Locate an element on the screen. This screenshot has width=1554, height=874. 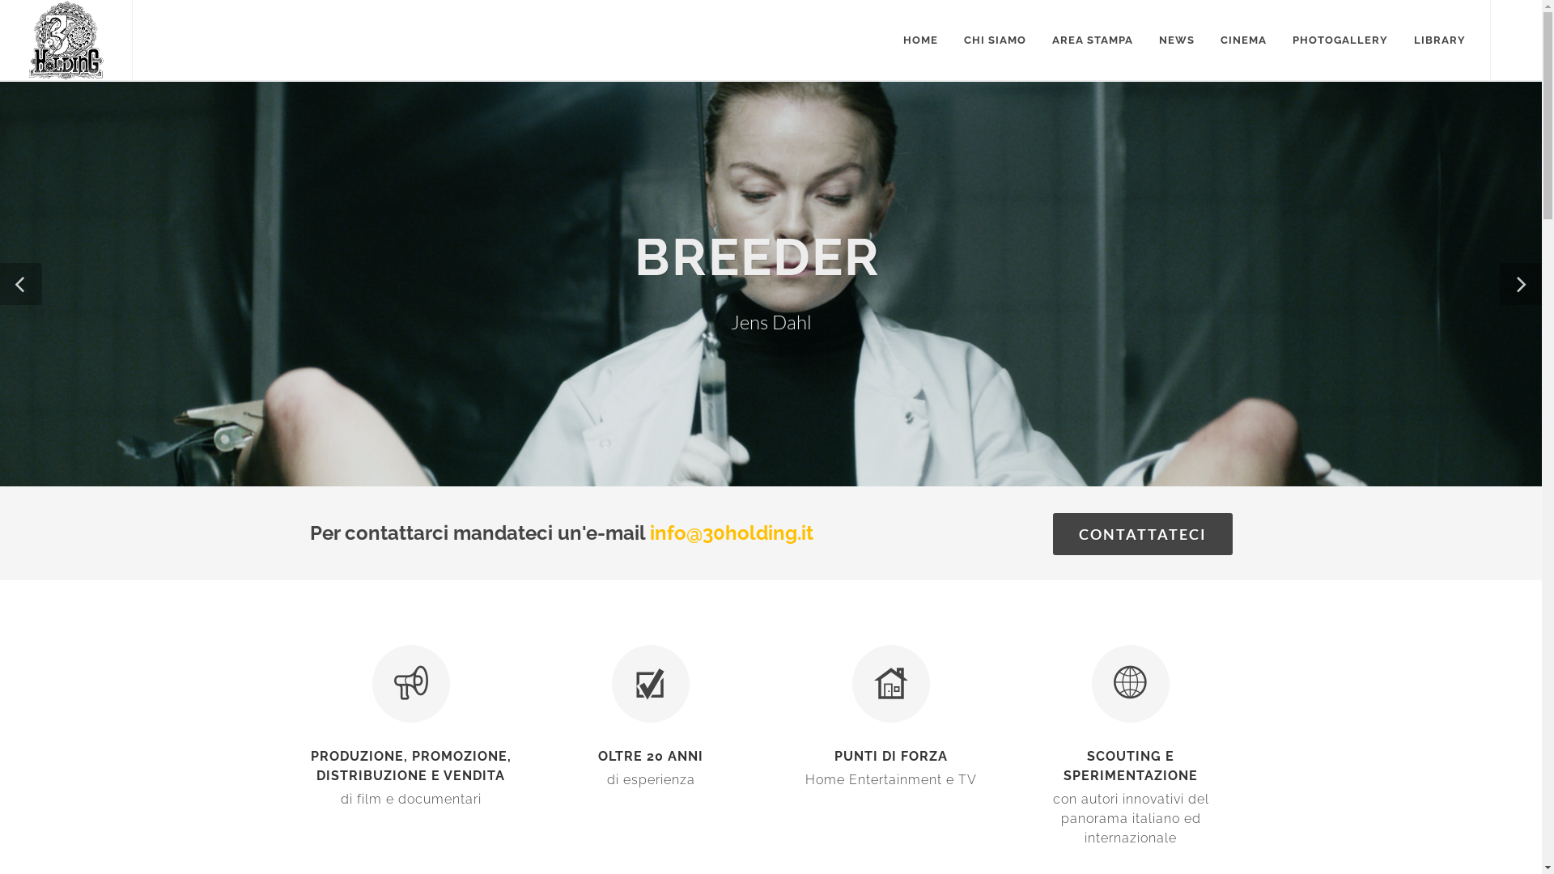
'CINEMA' is located at coordinates (1242, 40).